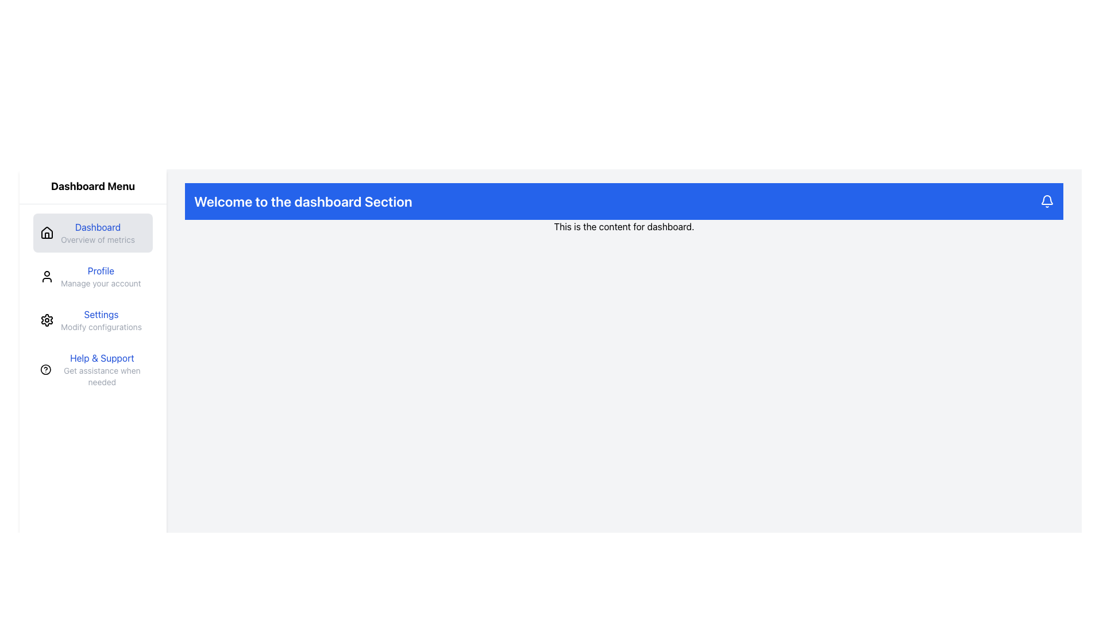 This screenshot has width=1103, height=620. I want to click on the 'Profile' text label, which displays bold blue text and has smaller text underneath that reads 'Manage your account.' This label is the second item, so click(101, 277).